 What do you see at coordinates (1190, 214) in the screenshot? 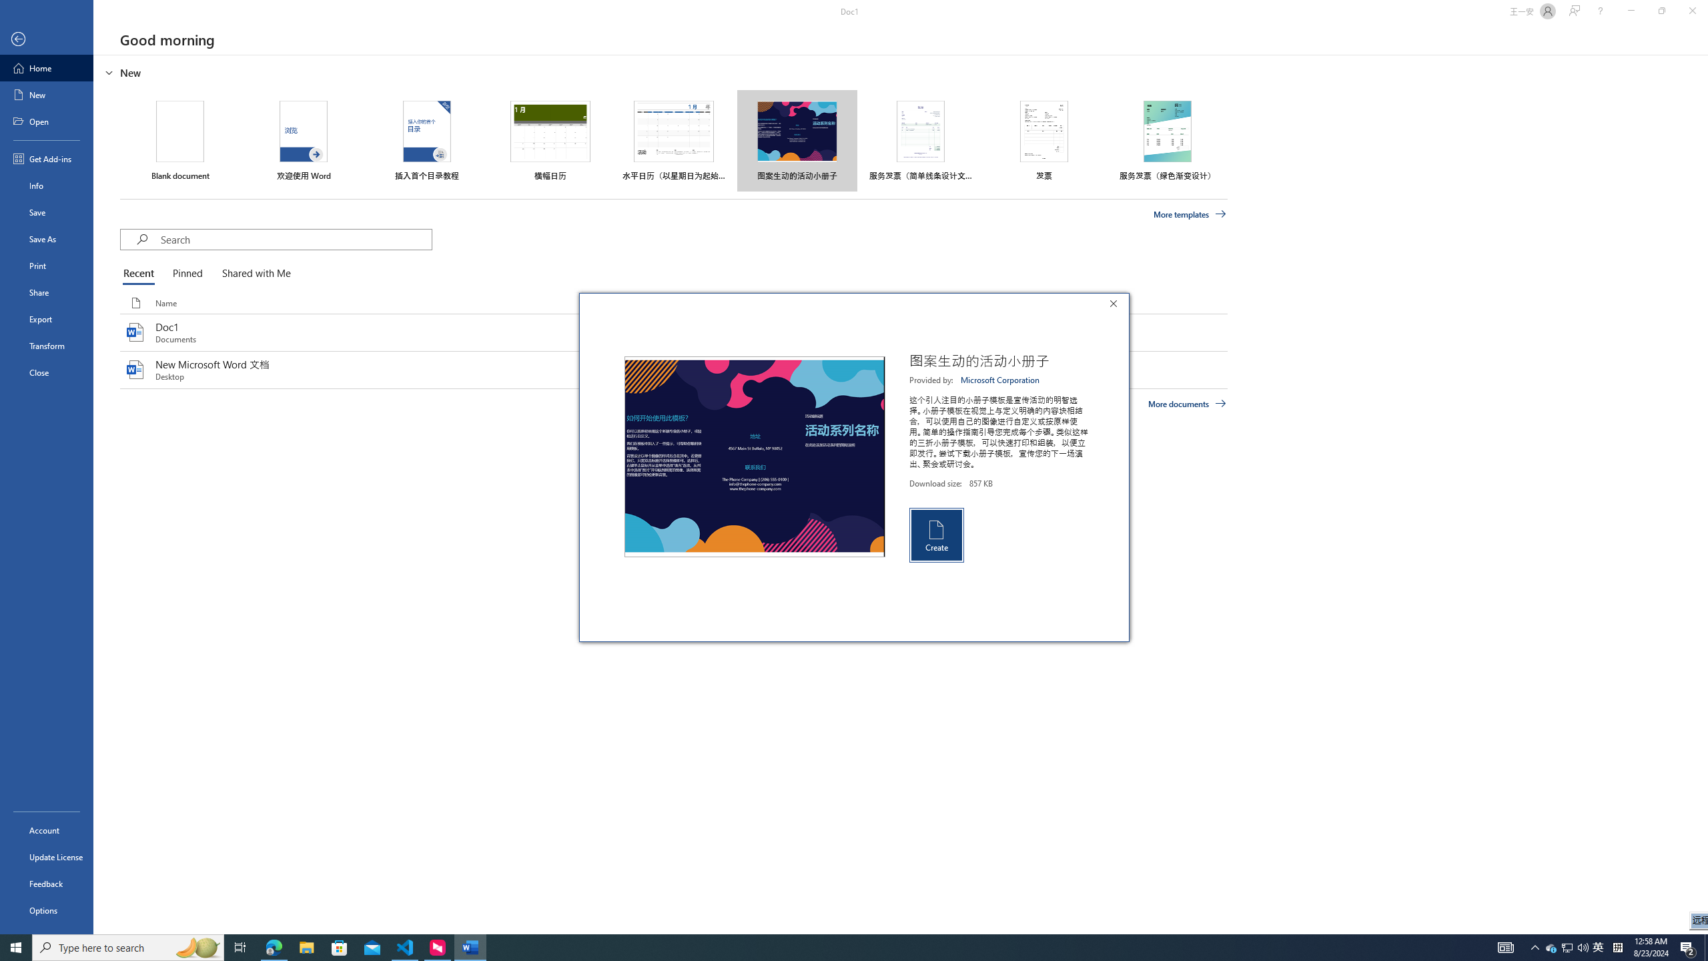
I see `'More templates'` at bounding box center [1190, 214].